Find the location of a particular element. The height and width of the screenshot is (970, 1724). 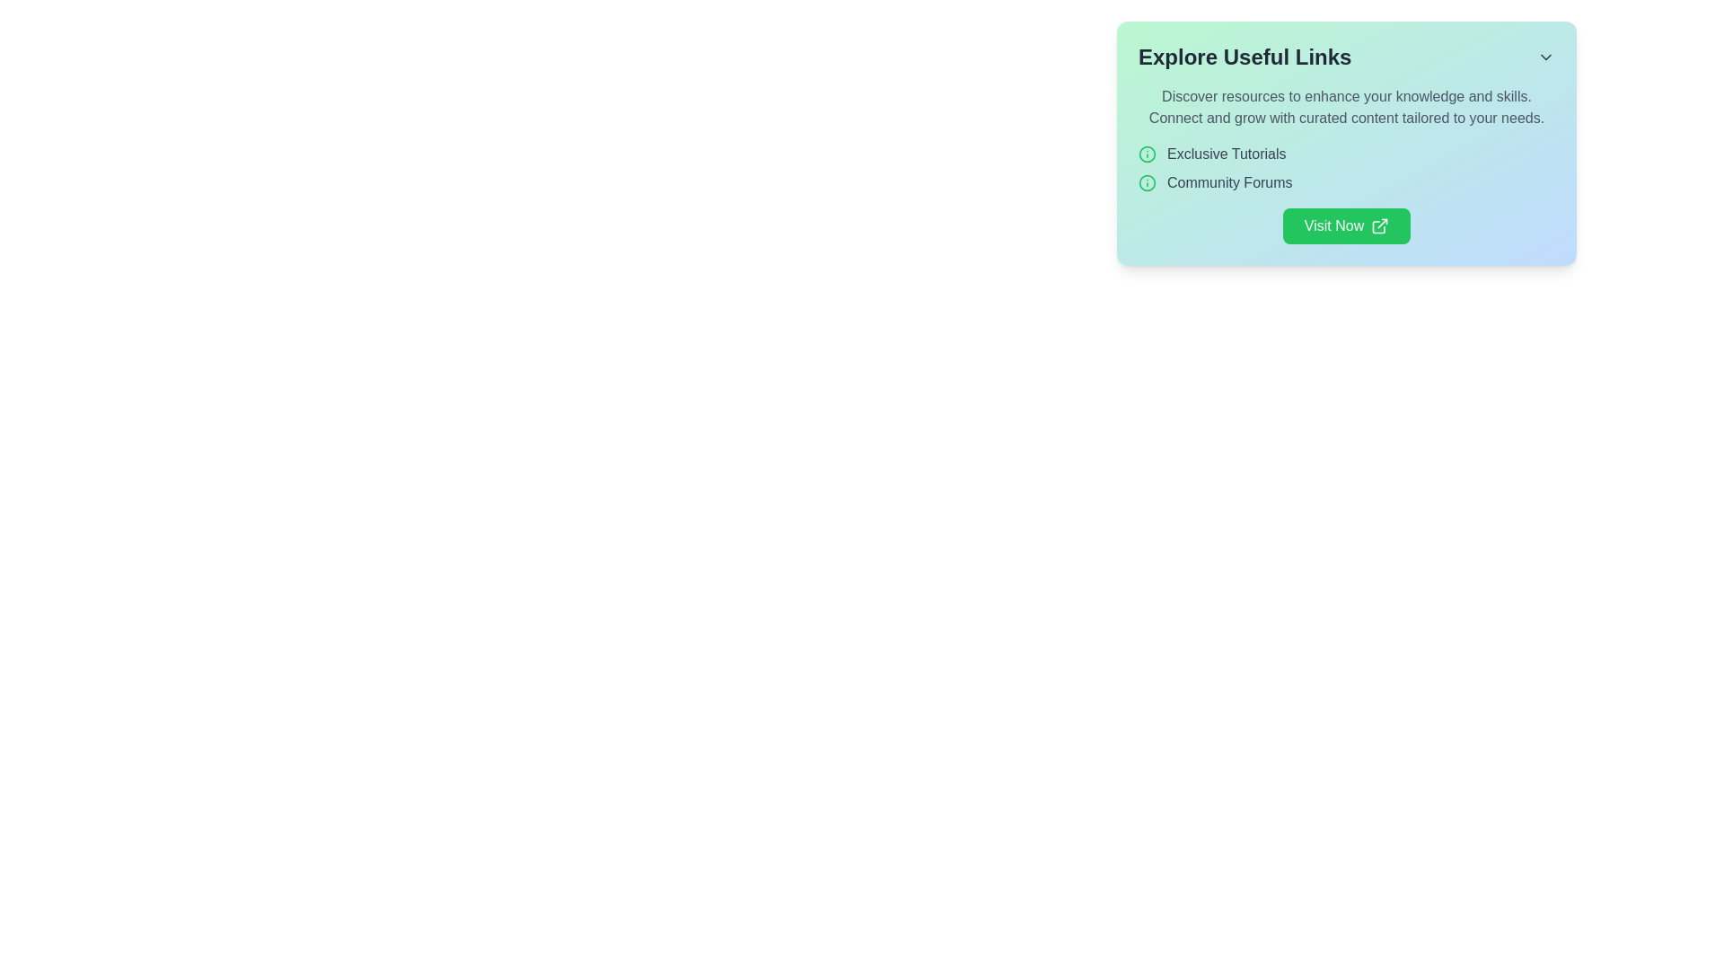

the external link icon, which is a small arrow pointing outwards from a box, located at the right end of the green 'Visit Now' button in the 'Explore Useful Links' panel is located at coordinates (1379, 225).